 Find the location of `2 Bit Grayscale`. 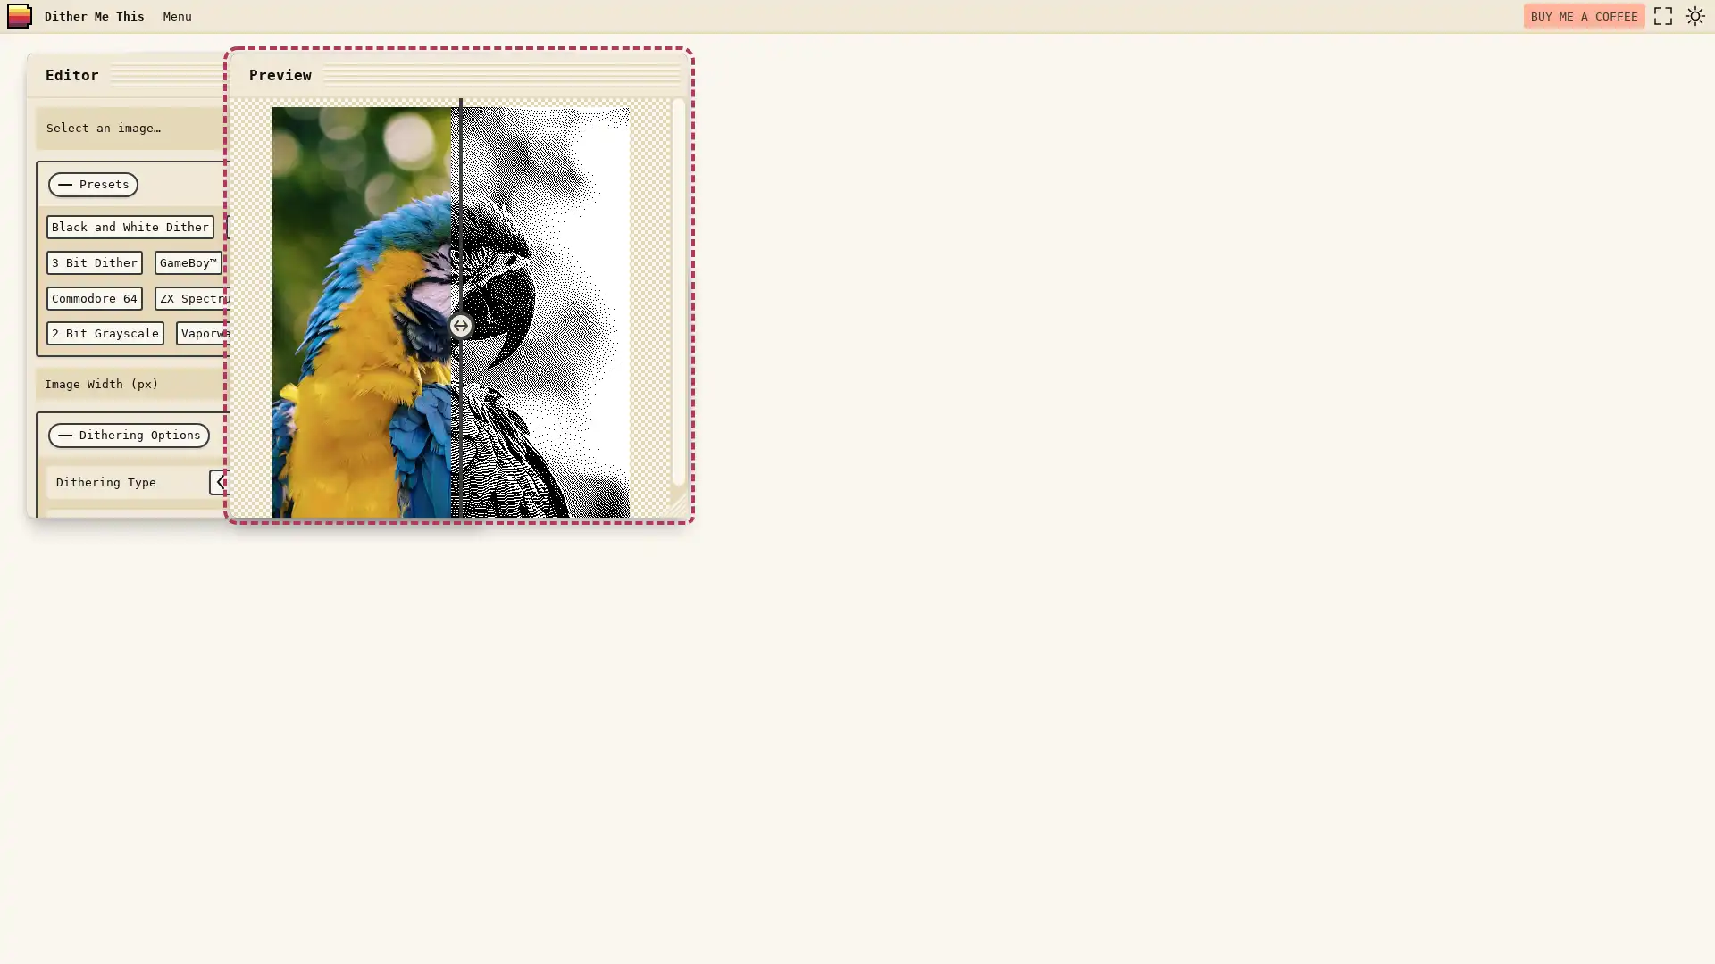

2 Bit Grayscale is located at coordinates (398, 296).